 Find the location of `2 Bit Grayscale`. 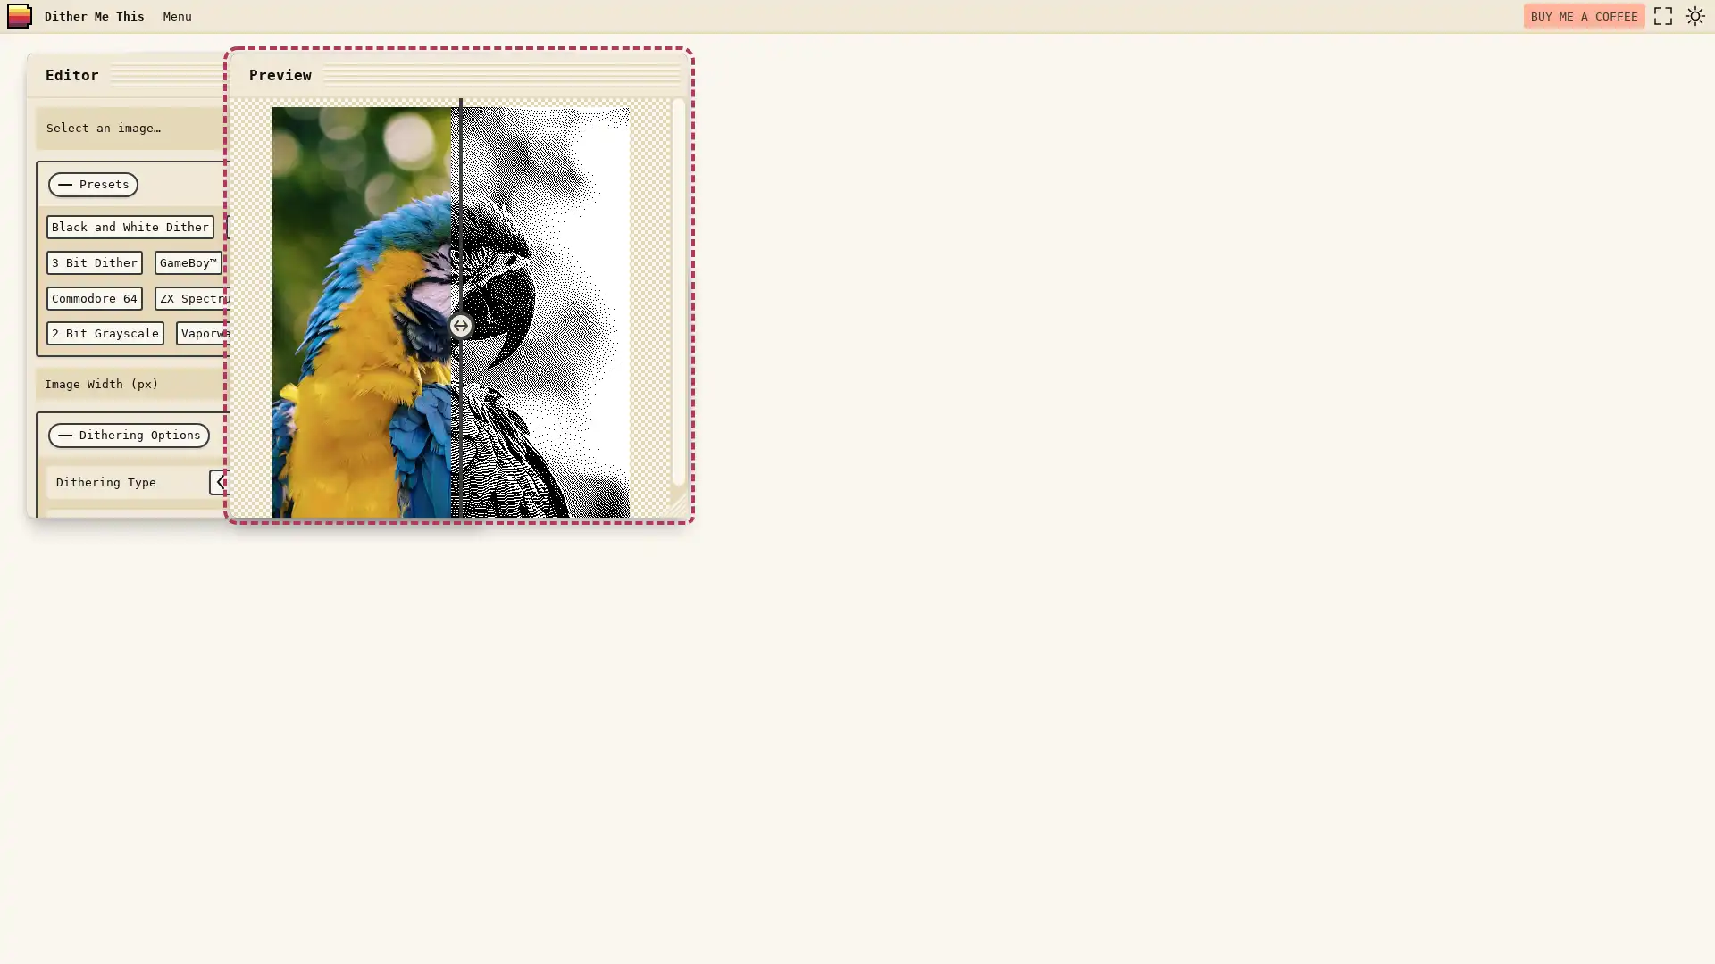

2 Bit Grayscale is located at coordinates (398, 296).